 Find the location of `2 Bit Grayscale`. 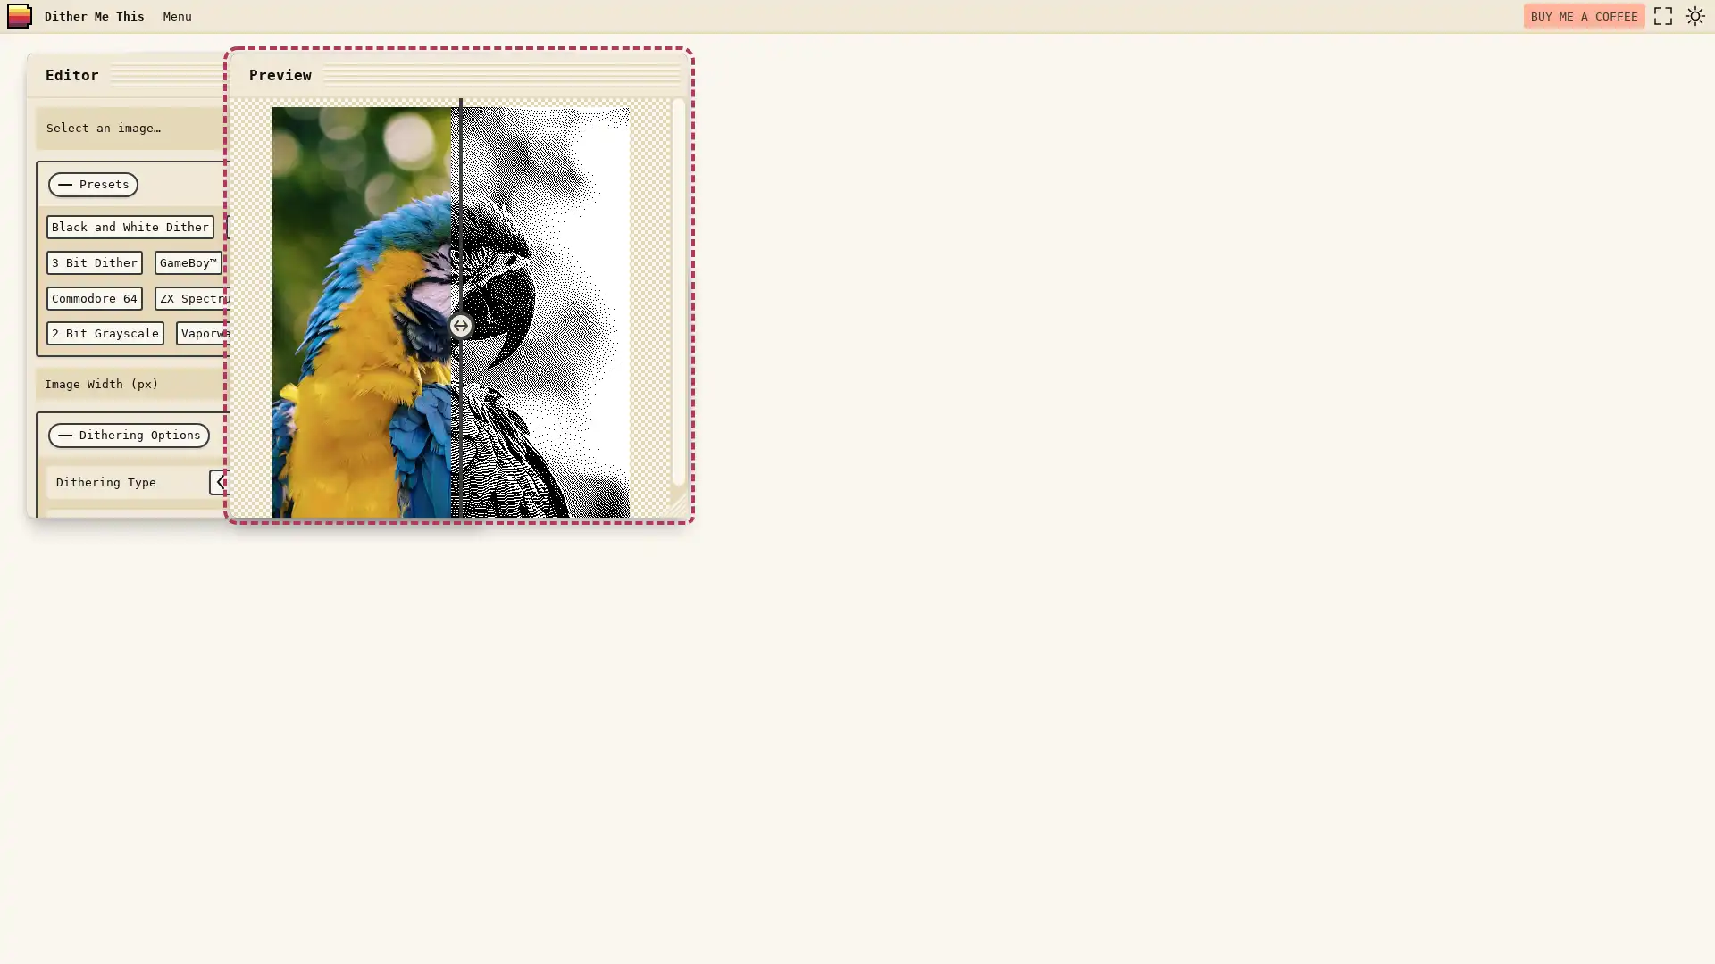

2 Bit Grayscale is located at coordinates (398, 296).